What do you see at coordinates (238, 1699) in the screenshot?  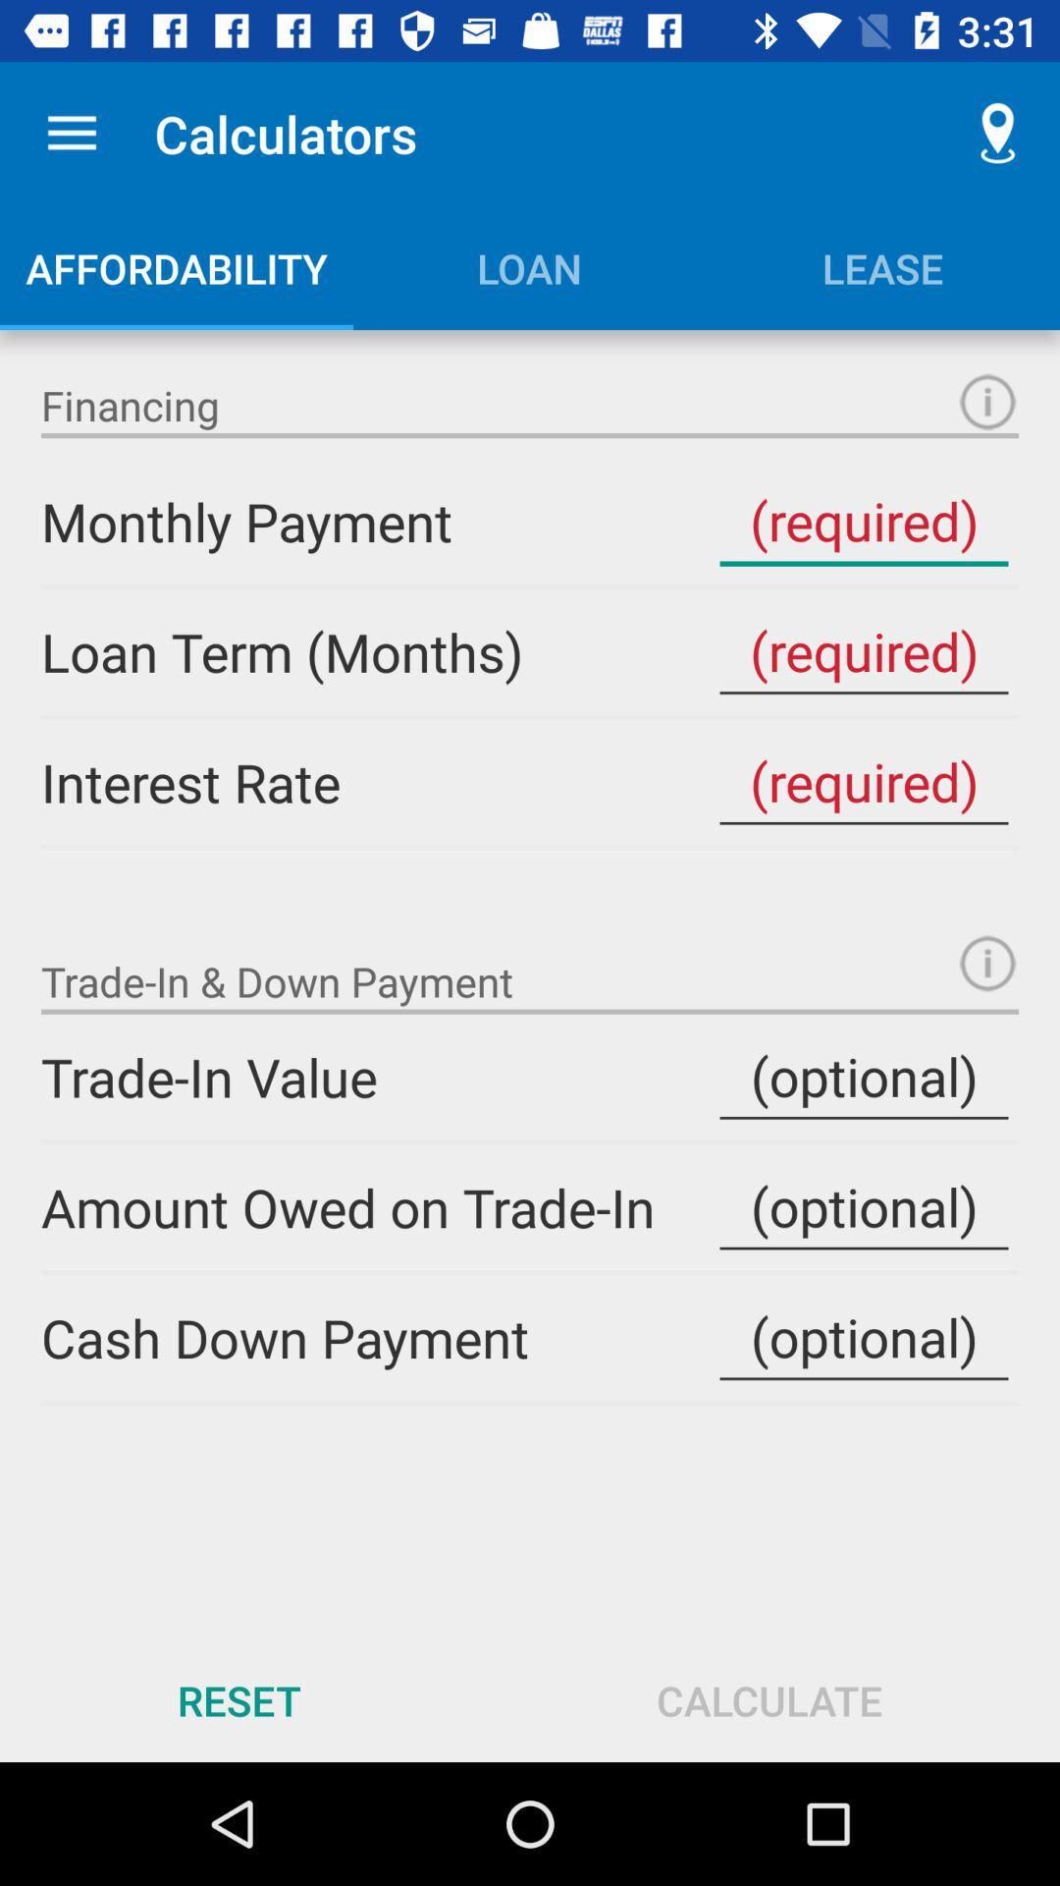 I see `the icon next to calculate` at bounding box center [238, 1699].